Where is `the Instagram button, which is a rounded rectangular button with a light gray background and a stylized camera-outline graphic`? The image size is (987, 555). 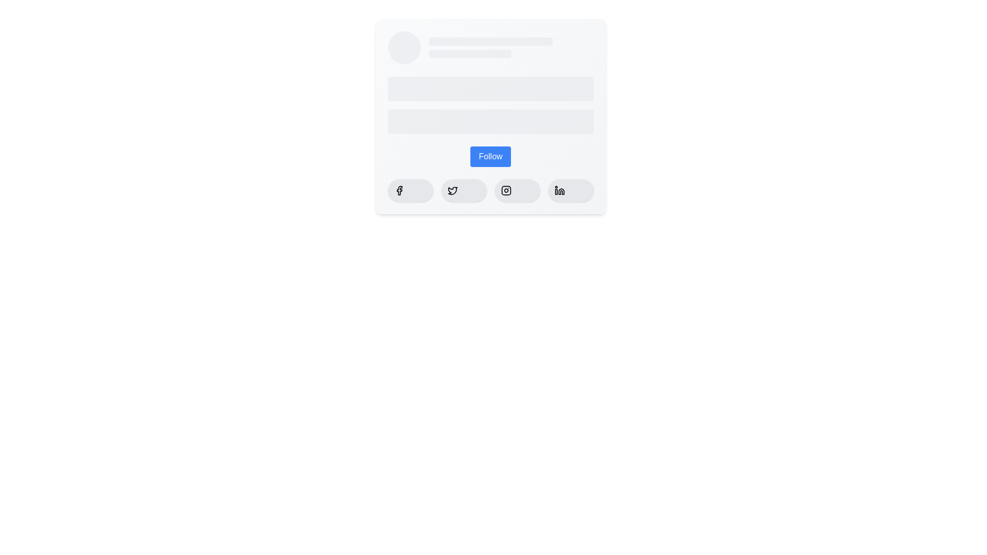 the Instagram button, which is a rounded rectangular button with a light gray background and a stylized camera-outline graphic is located at coordinates (517, 190).